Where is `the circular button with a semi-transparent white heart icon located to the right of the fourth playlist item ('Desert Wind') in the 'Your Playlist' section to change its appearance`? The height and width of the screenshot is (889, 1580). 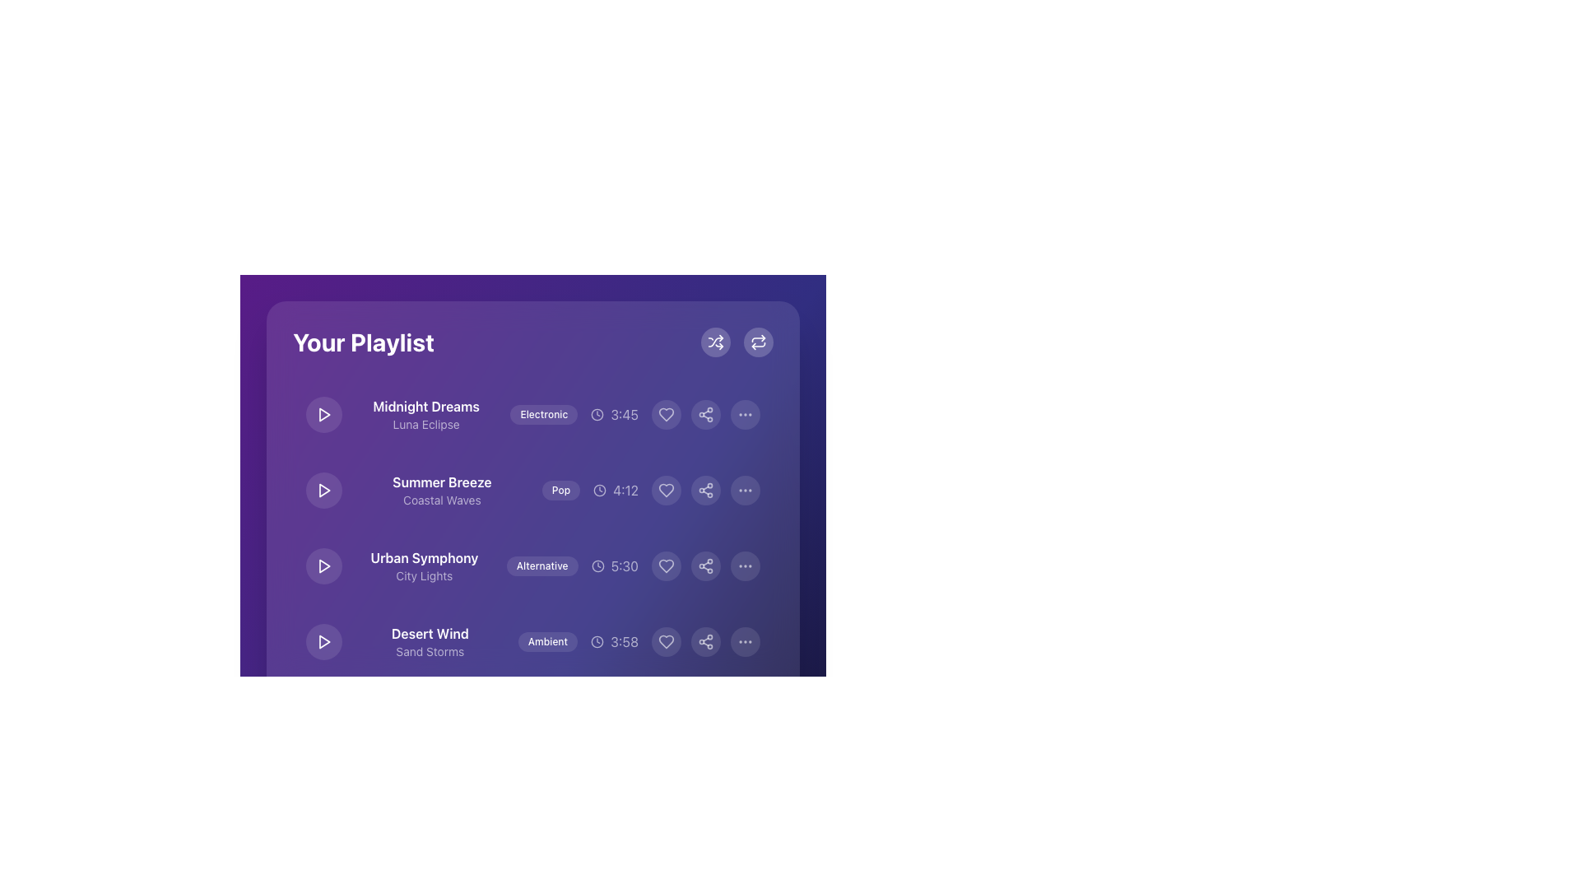 the circular button with a semi-transparent white heart icon located to the right of the fourth playlist item ('Desert Wind') in the 'Your Playlist' section to change its appearance is located at coordinates (667, 640).